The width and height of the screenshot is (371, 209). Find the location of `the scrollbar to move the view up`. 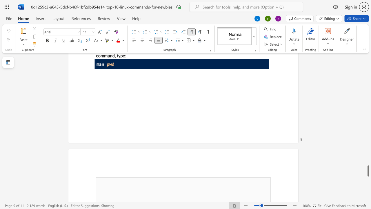

the scrollbar to move the view up is located at coordinates (368, 121).